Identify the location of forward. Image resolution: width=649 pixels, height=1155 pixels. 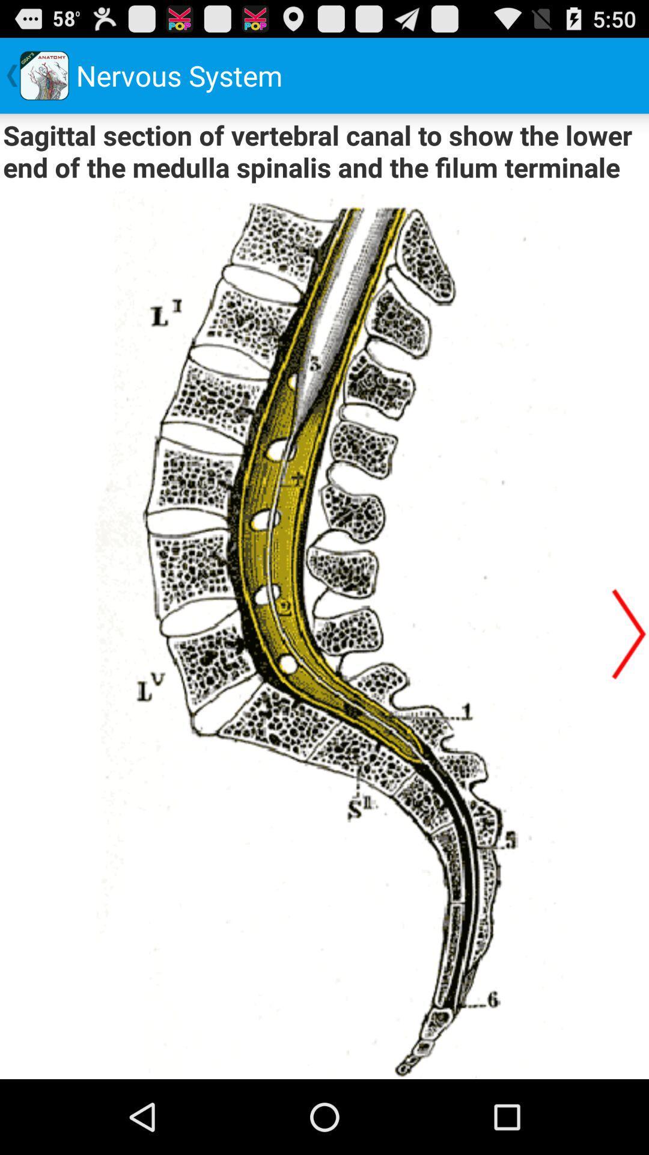
(628, 633).